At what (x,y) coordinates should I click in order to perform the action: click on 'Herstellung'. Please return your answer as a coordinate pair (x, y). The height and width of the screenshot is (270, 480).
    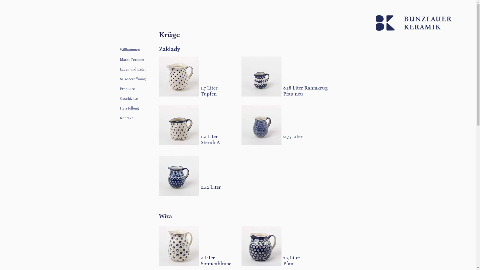
    Looking at the image, I should click on (120, 108).